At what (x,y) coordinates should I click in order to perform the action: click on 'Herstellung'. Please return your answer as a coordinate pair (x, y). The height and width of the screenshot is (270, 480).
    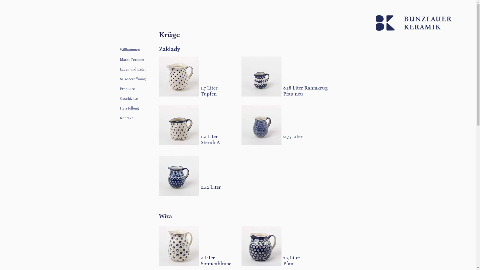
    Looking at the image, I should click on (120, 108).